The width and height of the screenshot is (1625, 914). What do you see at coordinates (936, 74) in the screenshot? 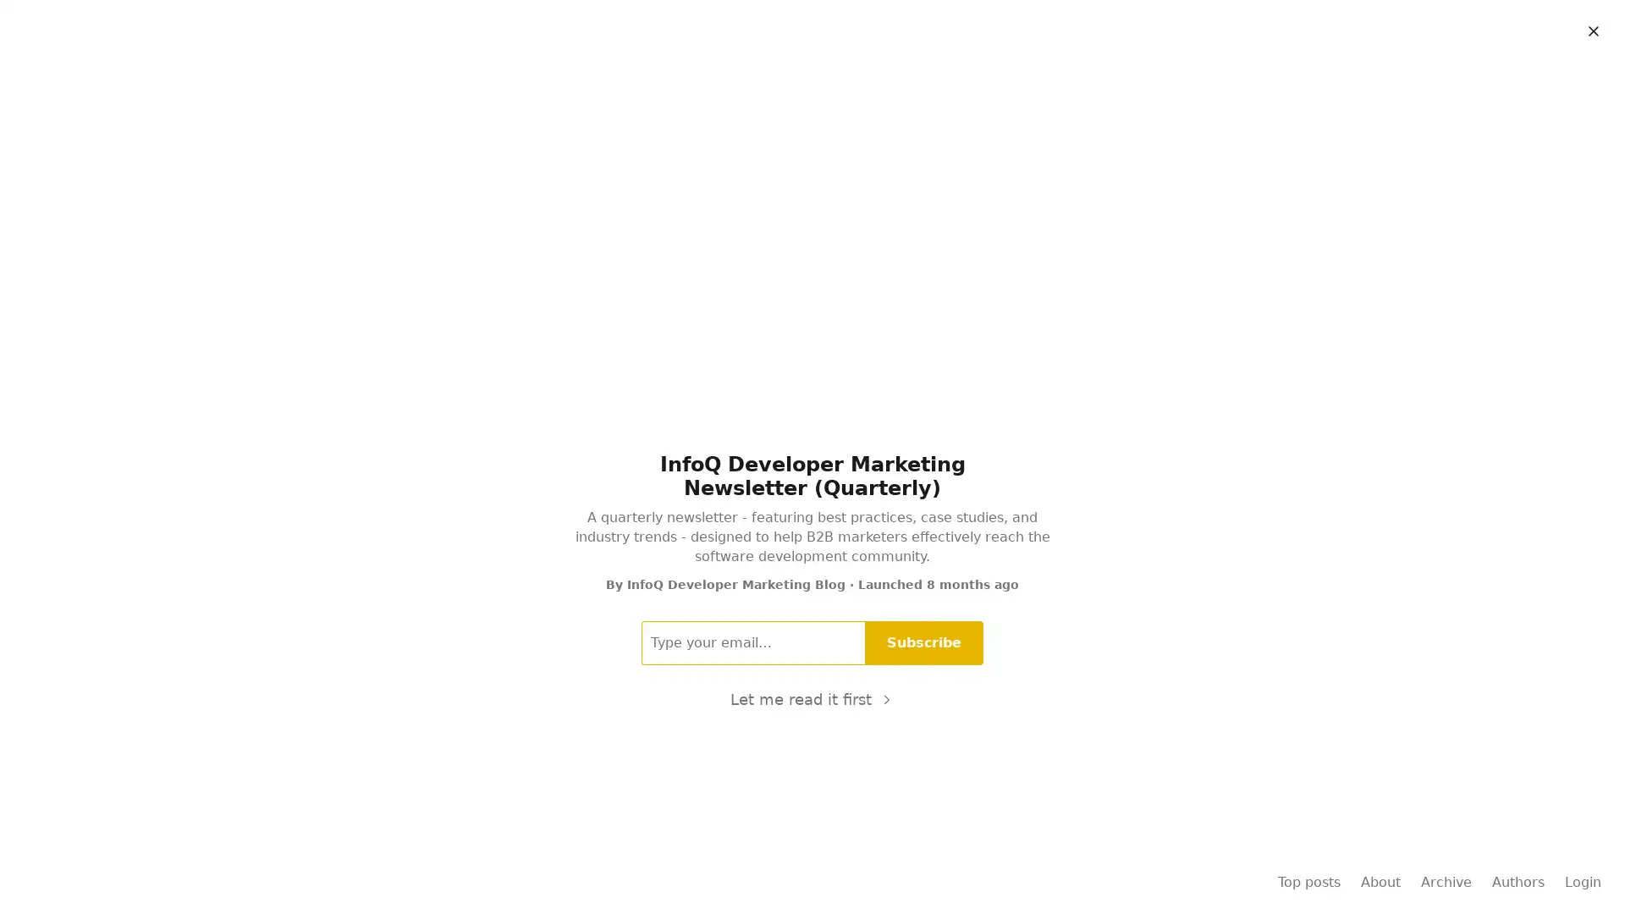
I see `Trends` at bounding box center [936, 74].